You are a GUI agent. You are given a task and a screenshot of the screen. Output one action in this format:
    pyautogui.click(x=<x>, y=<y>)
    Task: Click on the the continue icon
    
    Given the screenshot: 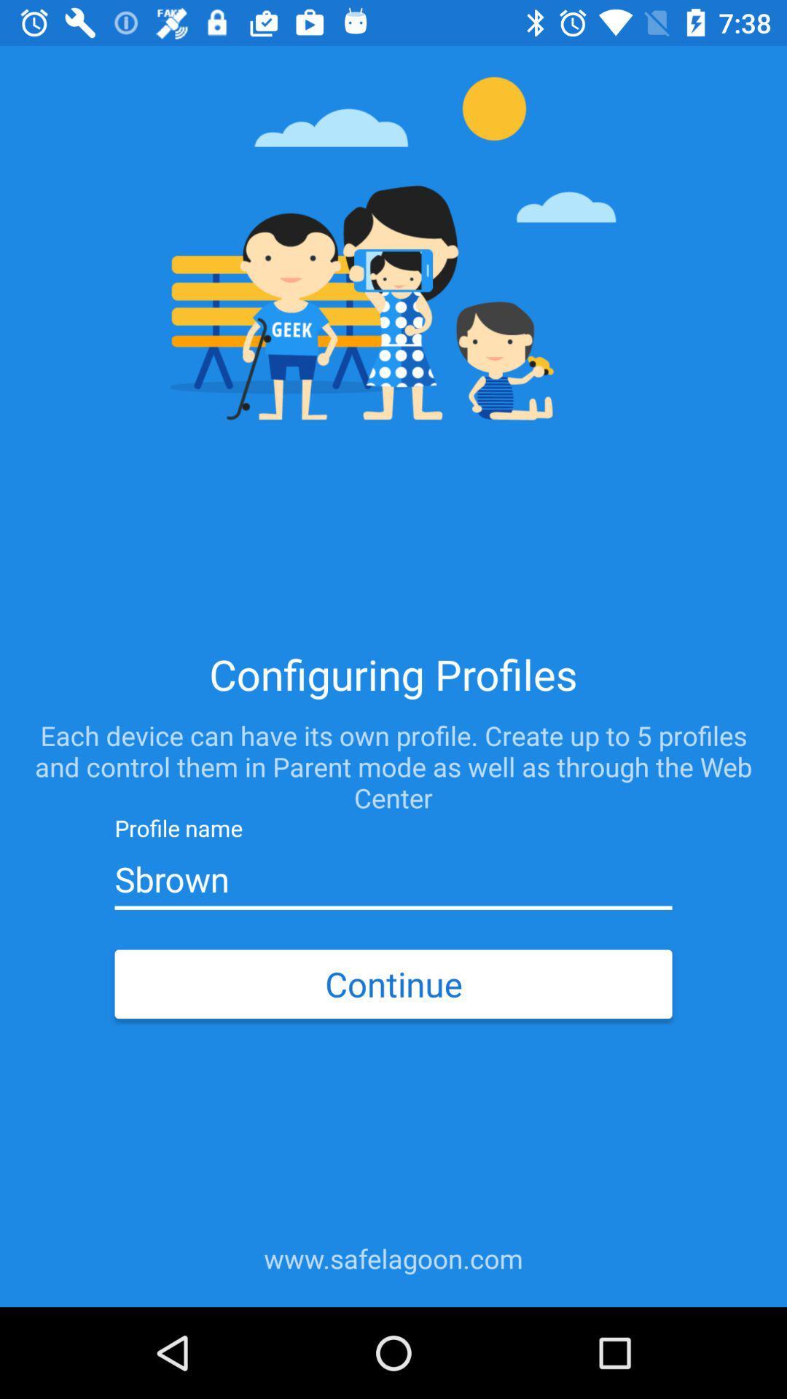 What is the action you would take?
    pyautogui.click(x=393, y=984)
    